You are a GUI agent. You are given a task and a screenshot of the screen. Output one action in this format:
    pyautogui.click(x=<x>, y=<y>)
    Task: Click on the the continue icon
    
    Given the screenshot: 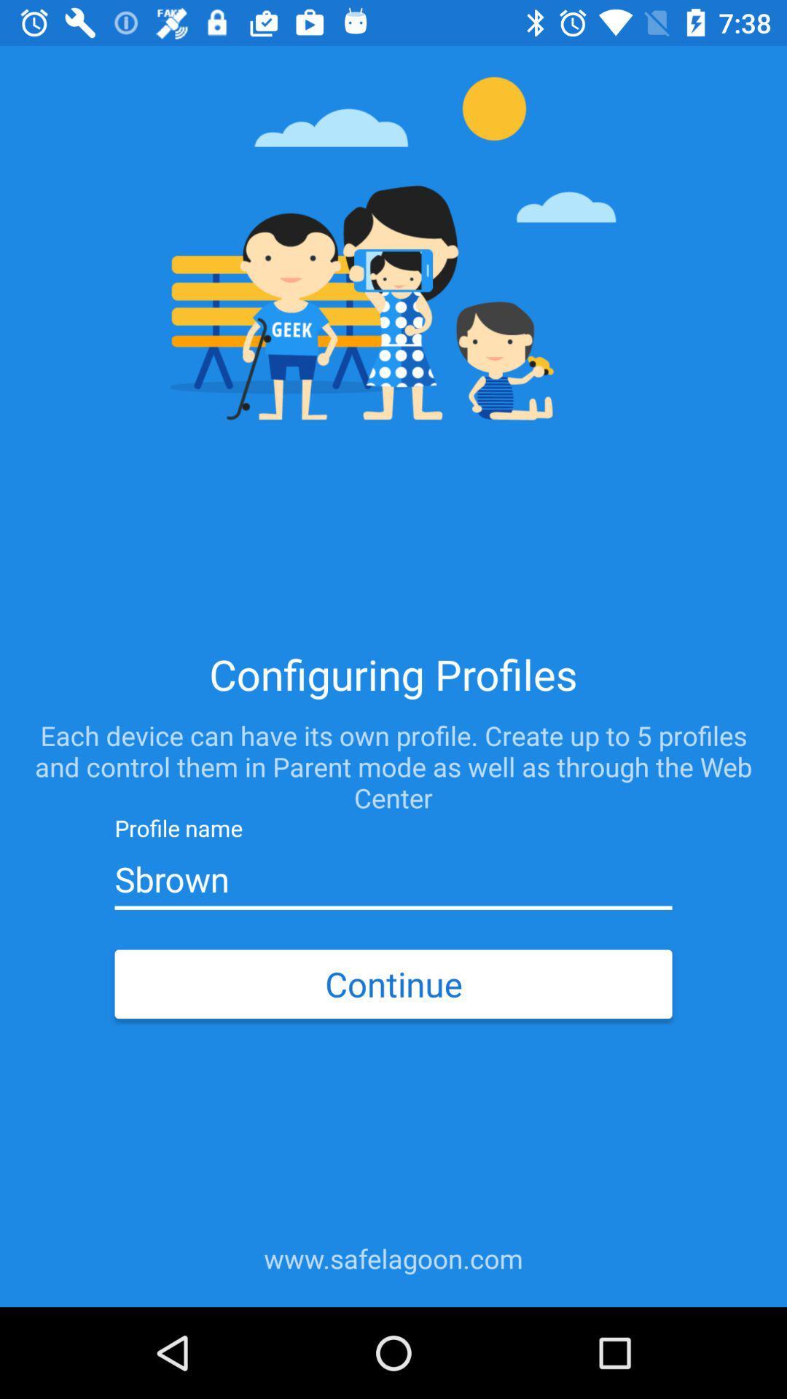 What is the action you would take?
    pyautogui.click(x=393, y=984)
    